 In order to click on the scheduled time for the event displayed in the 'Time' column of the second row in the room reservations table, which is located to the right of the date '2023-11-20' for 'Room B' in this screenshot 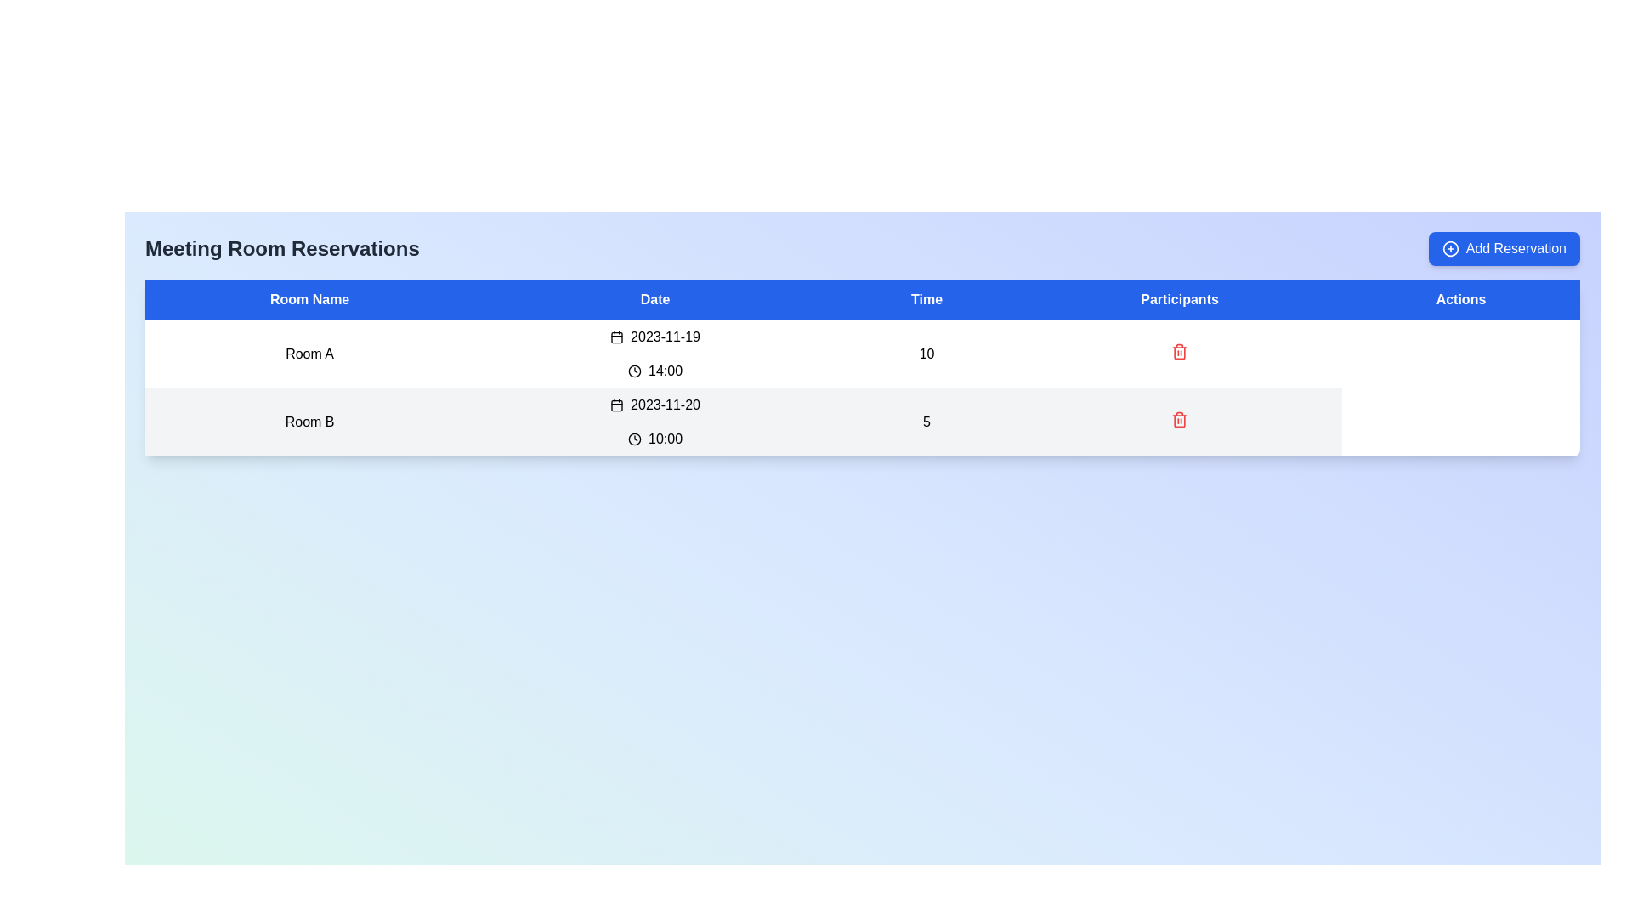, I will do `click(654, 438)`.